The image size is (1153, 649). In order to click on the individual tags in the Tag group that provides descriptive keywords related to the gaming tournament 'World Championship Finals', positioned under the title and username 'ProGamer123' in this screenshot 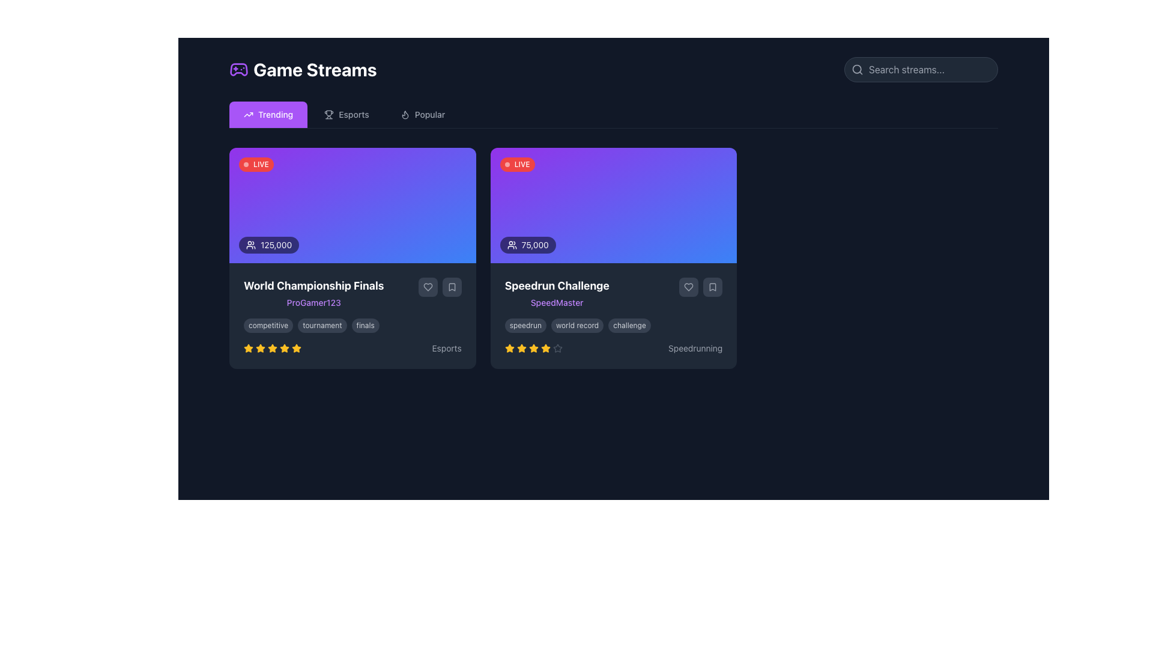, I will do `click(351, 326)`.